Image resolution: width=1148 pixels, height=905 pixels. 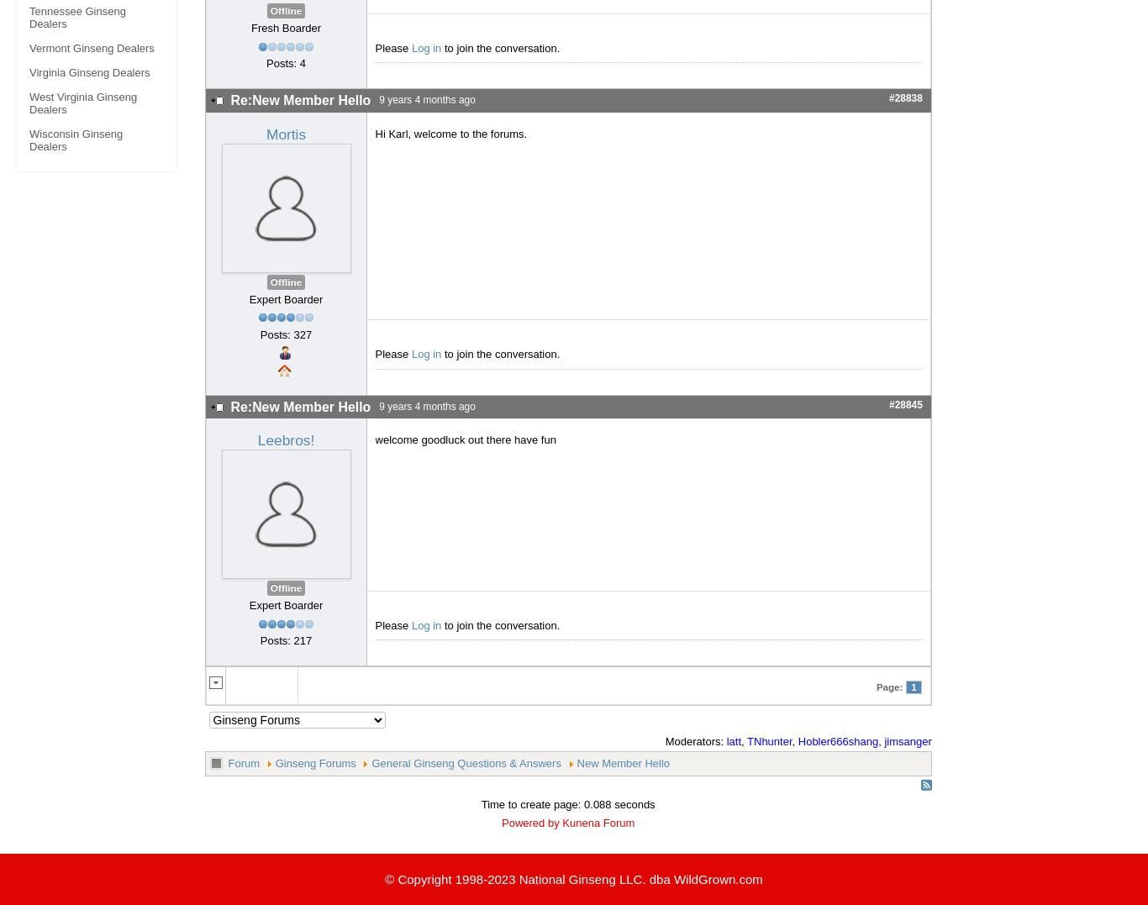 What do you see at coordinates (733, 741) in the screenshot?
I see `'latt'` at bounding box center [733, 741].